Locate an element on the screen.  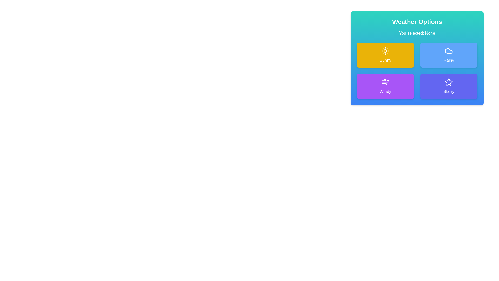
the 'Sunny' button, which is the first option in the grid layout is located at coordinates (385, 55).